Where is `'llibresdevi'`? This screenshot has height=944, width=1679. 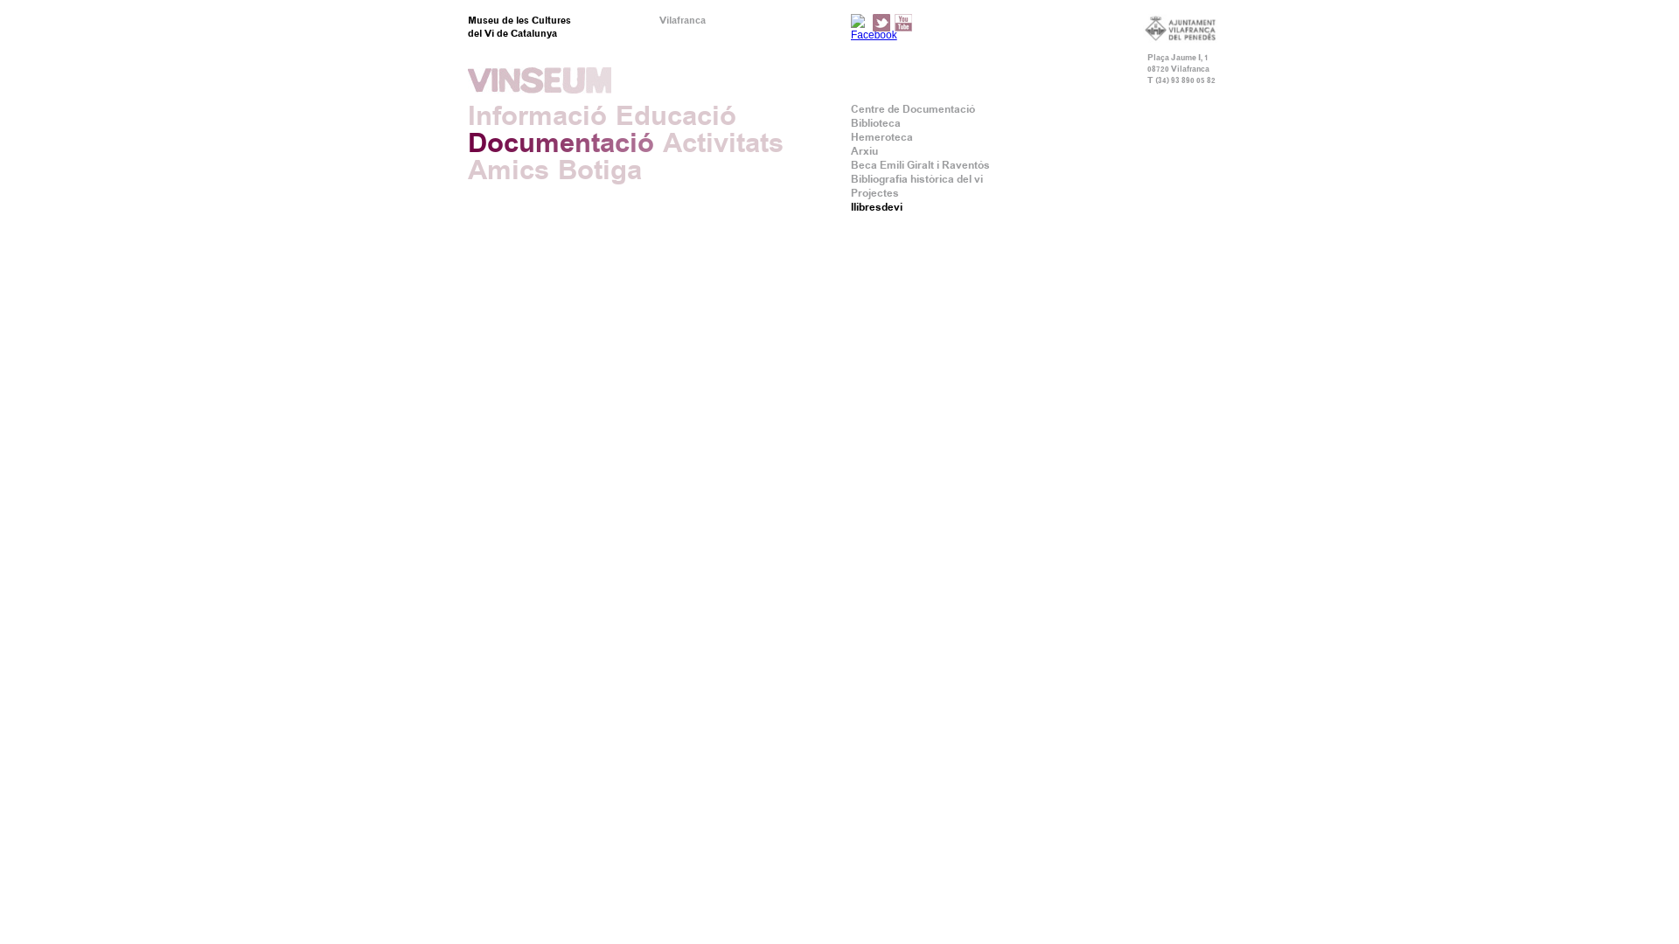
'llibresdevi' is located at coordinates (876, 205).